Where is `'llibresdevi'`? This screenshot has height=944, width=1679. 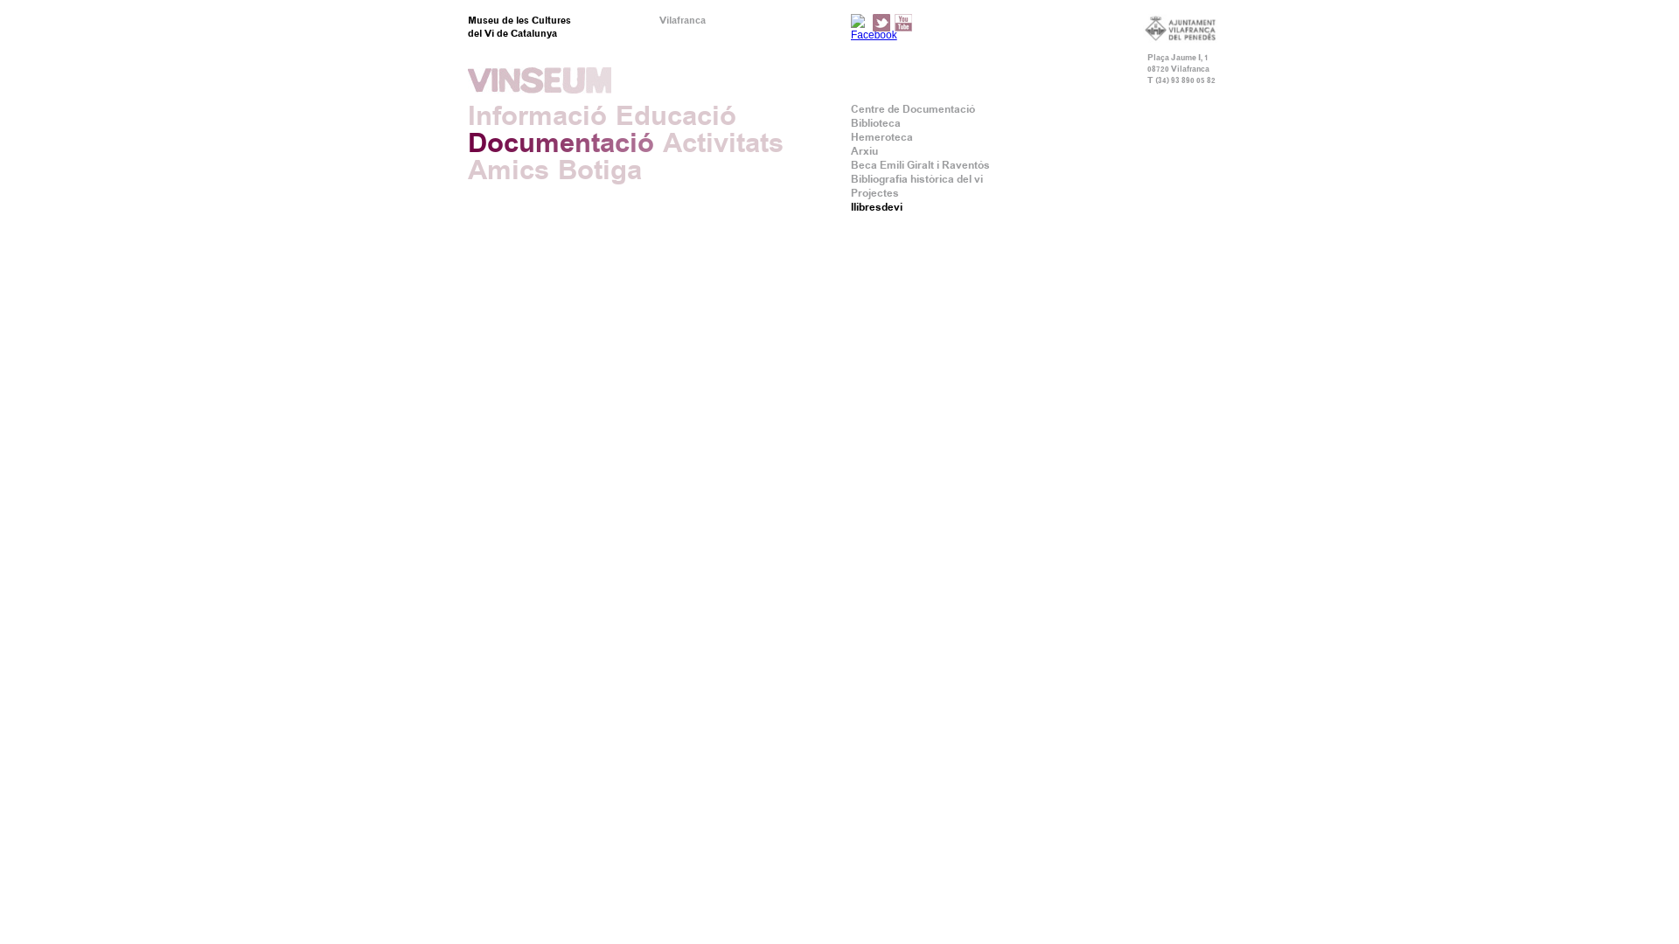
'llibresdevi' is located at coordinates (876, 205).